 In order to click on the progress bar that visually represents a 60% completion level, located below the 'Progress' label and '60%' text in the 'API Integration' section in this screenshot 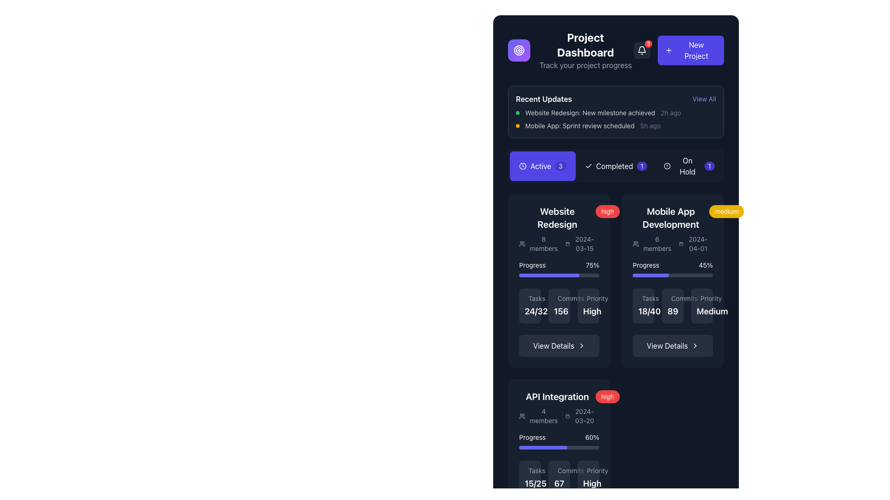, I will do `click(559, 447)`.